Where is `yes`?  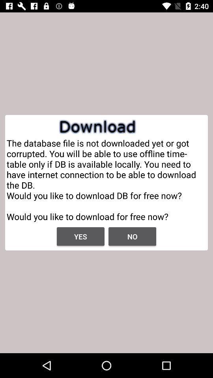 yes is located at coordinates (80, 236).